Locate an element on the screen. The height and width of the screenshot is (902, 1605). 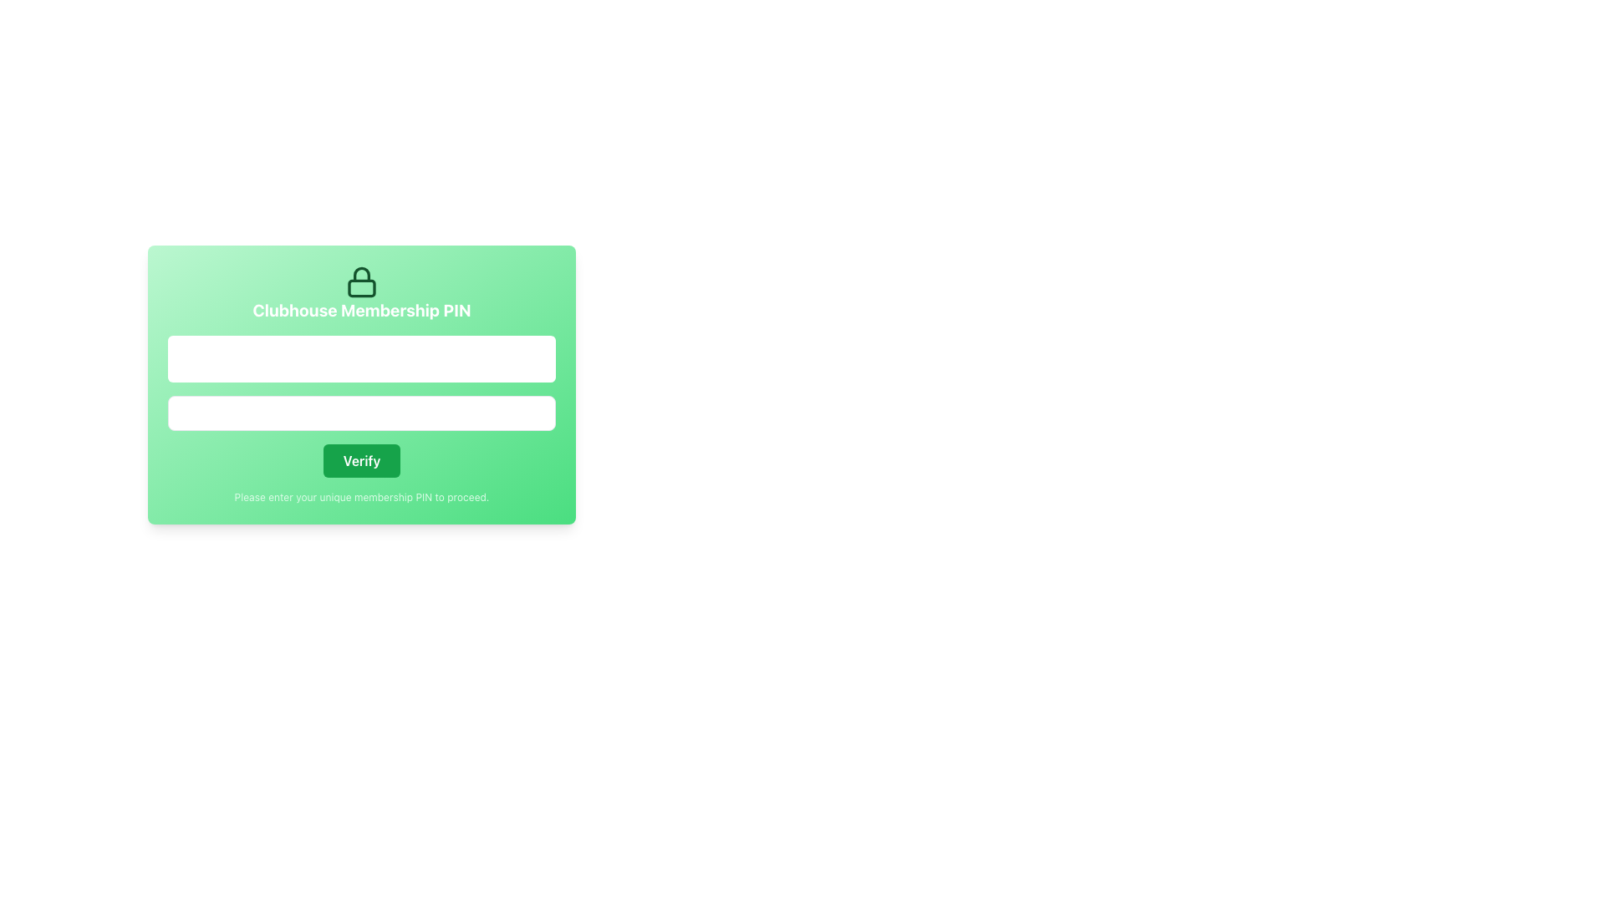
within the Password Input Field located below the 'Clubhouse Membership PIN' text and above the 'Verify' button, styled with rounded corners and a border is located at coordinates (360, 413).